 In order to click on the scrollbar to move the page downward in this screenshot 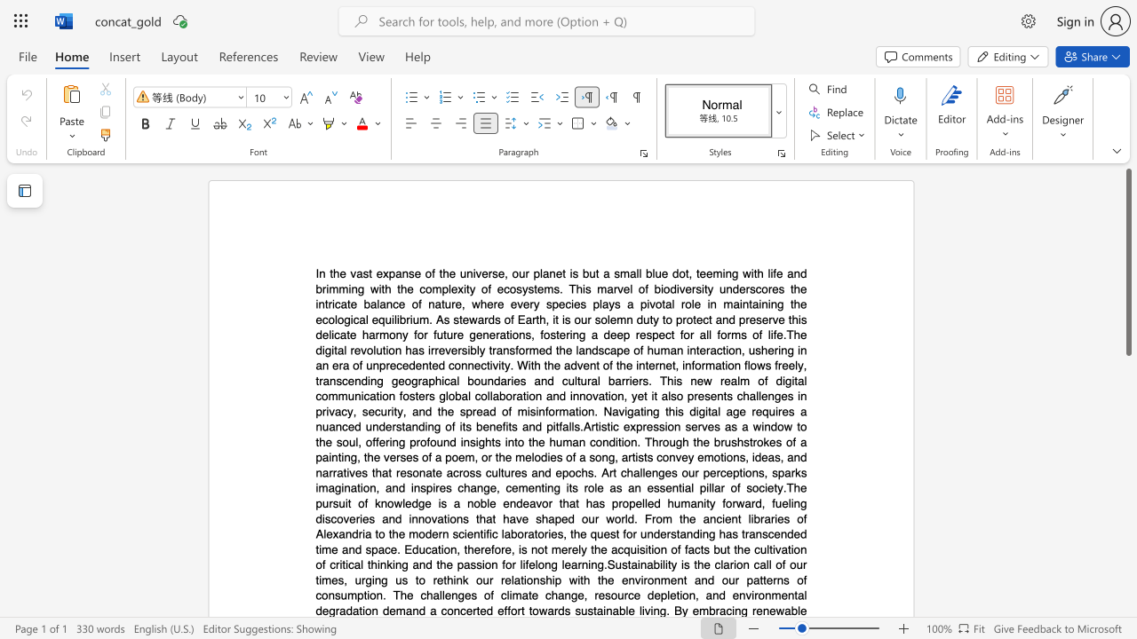, I will do `click(1127, 531)`.